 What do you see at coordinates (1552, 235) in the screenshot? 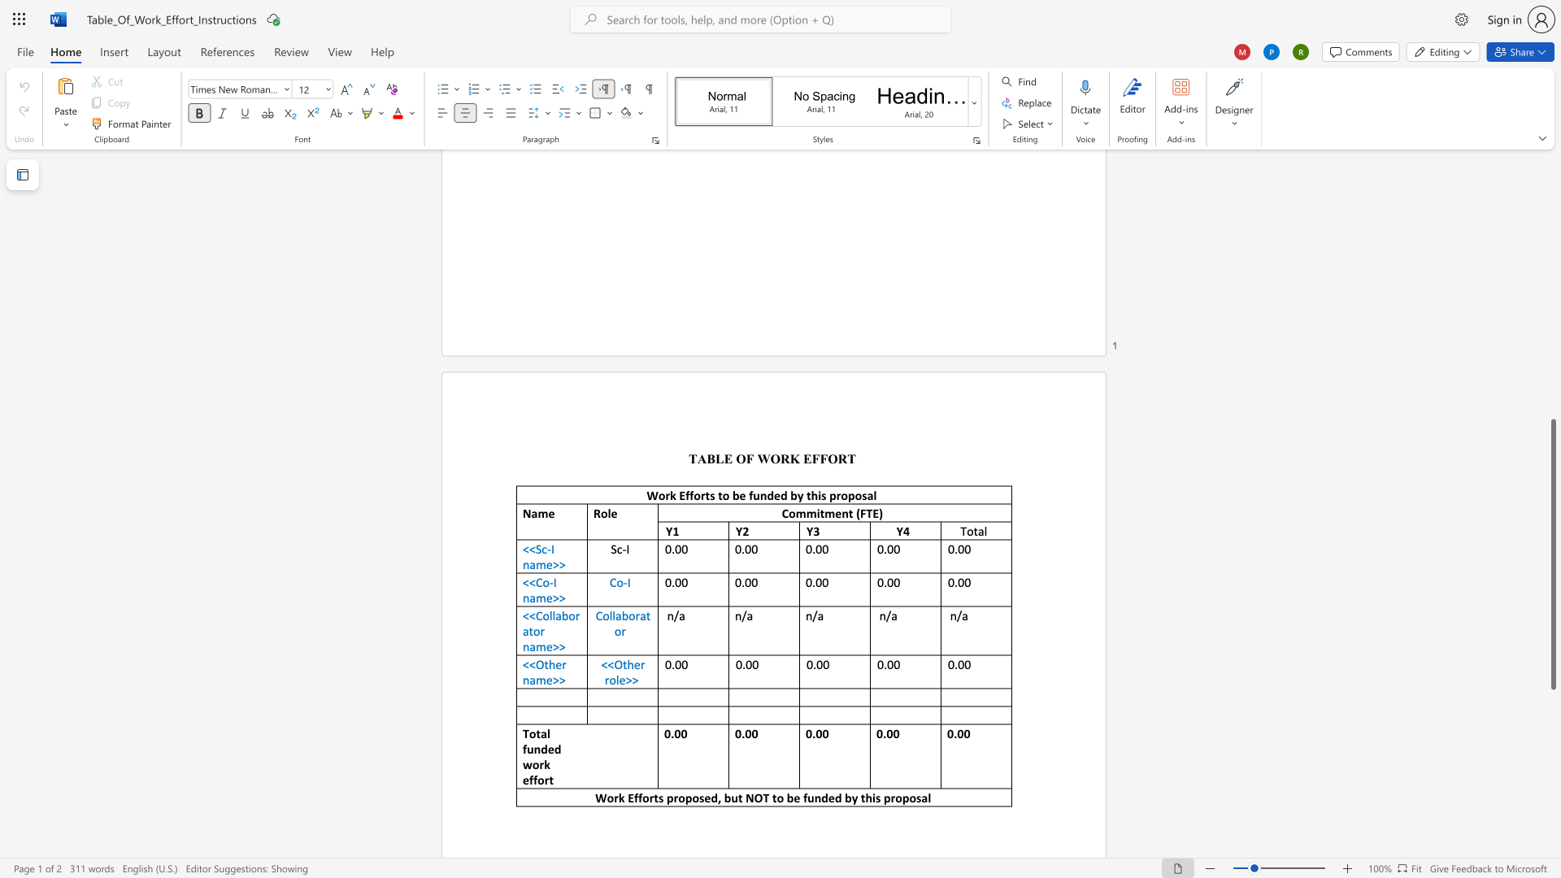
I see `the scrollbar to move the page upward` at bounding box center [1552, 235].